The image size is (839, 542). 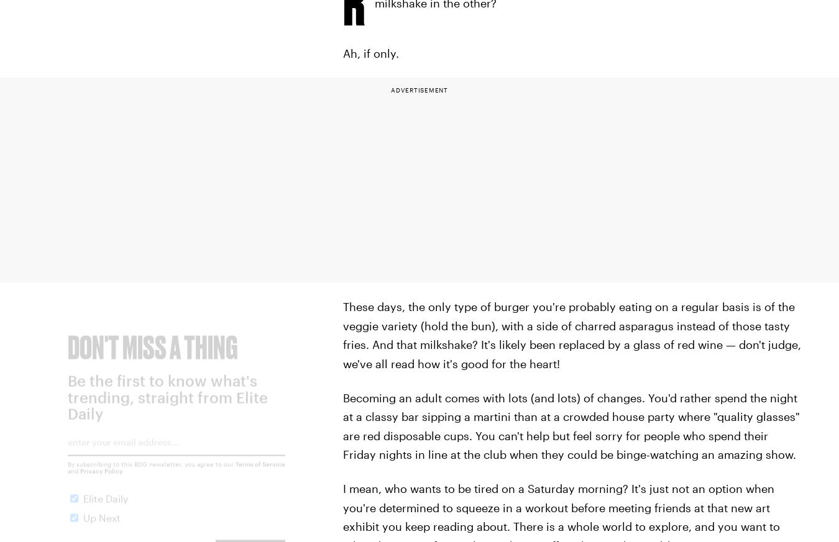 I want to click on 'By subscribing to this BDG newsletter, you agree to our', so click(x=66, y=473).